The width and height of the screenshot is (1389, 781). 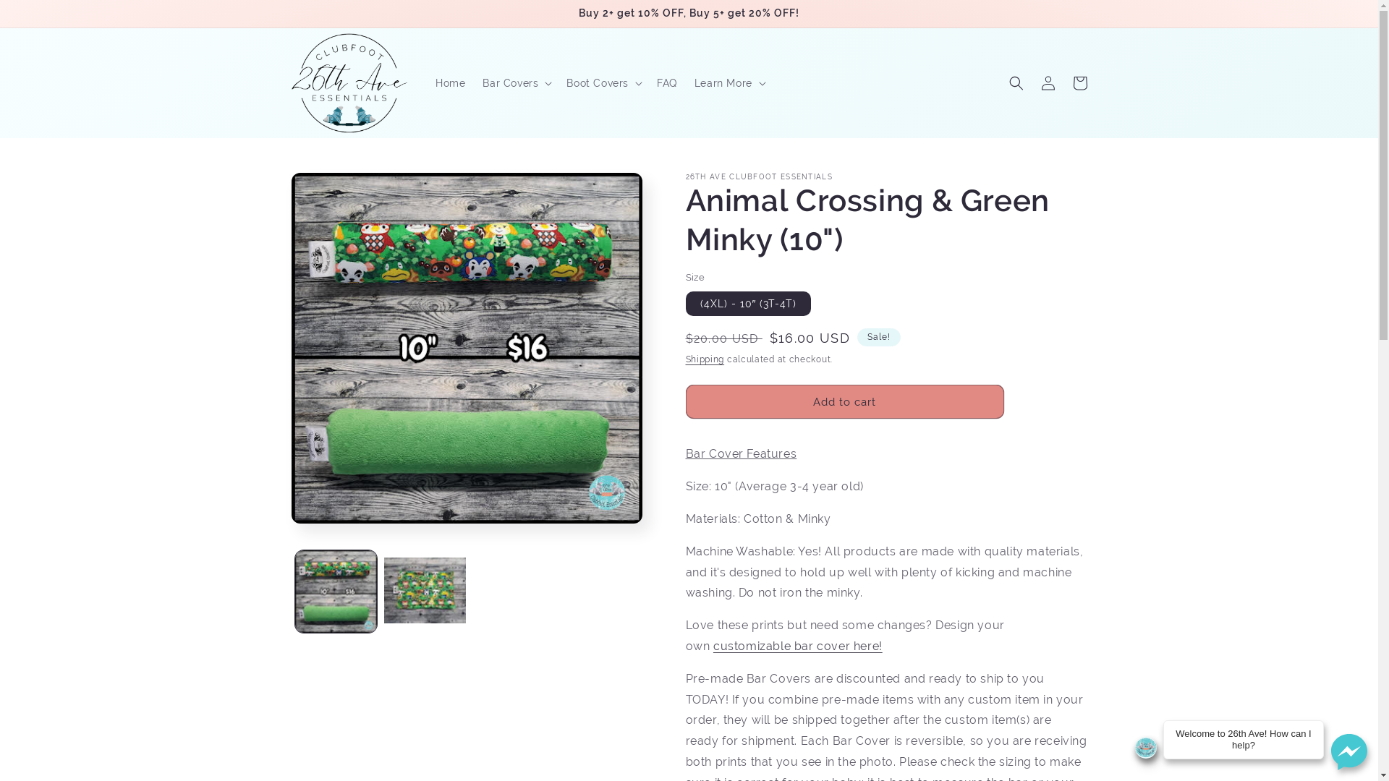 I want to click on 'Skip to product information', so click(x=334, y=188).